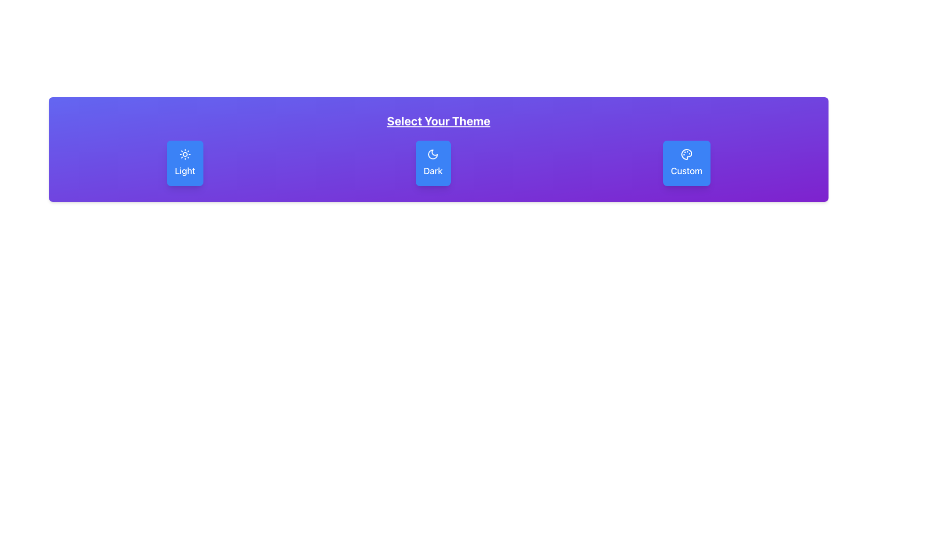 This screenshot has width=948, height=533. What do you see at coordinates (438, 120) in the screenshot?
I see `the heading element that introduces the theme selection section, located at the top of a rounded purple gradient box` at bounding box center [438, 120].